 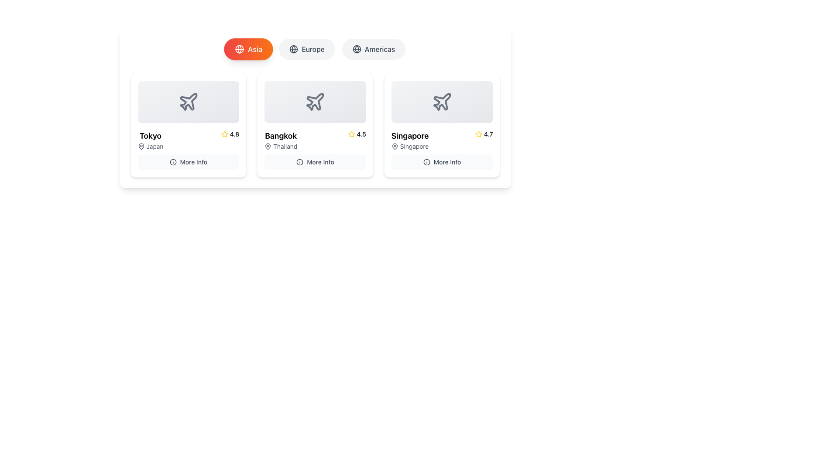 I want to click on the geographical icon indicating 'Singapore' located next to the text 'Singapore' and above the 'More Info' button, so click(x=394, y=146).